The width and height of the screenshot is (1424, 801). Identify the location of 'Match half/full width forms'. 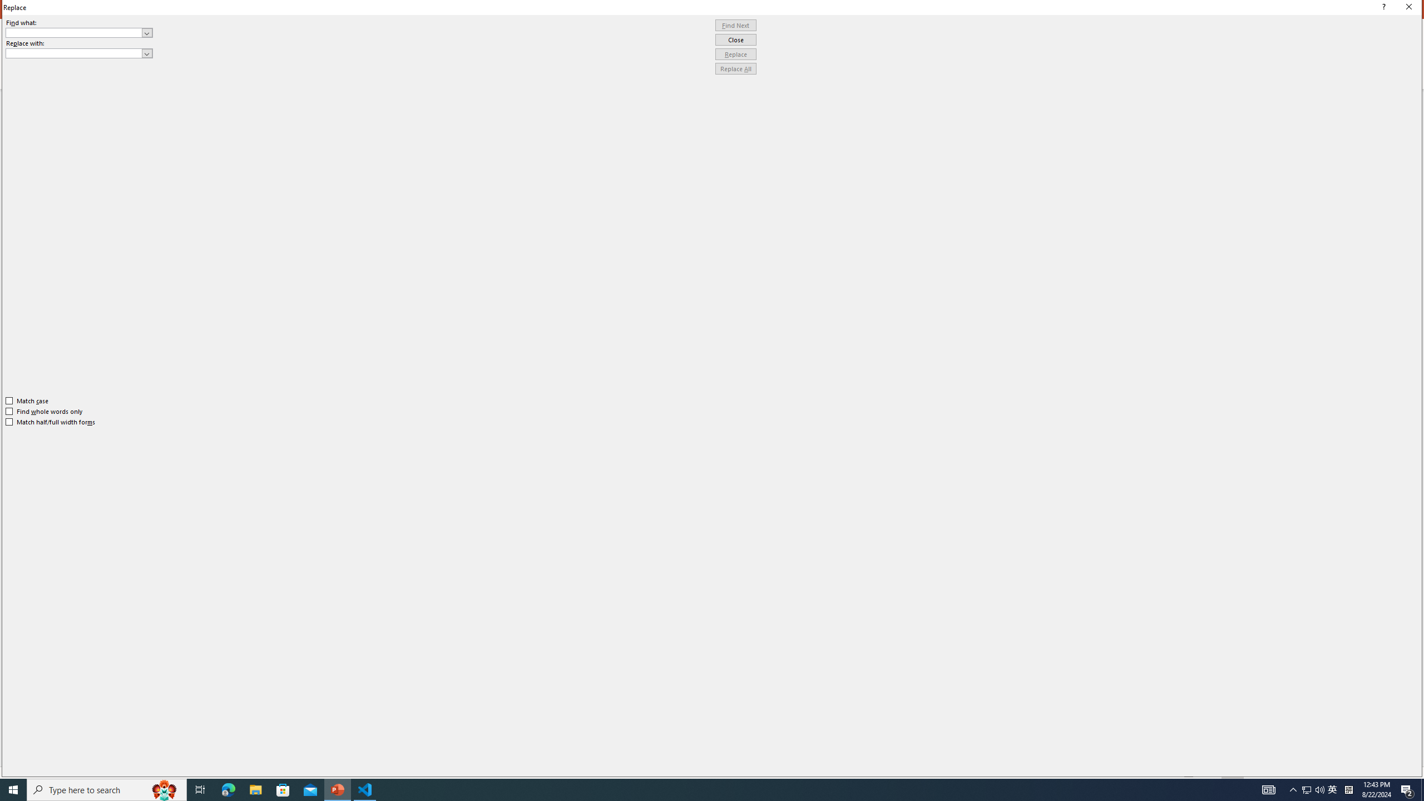
(51, 422).